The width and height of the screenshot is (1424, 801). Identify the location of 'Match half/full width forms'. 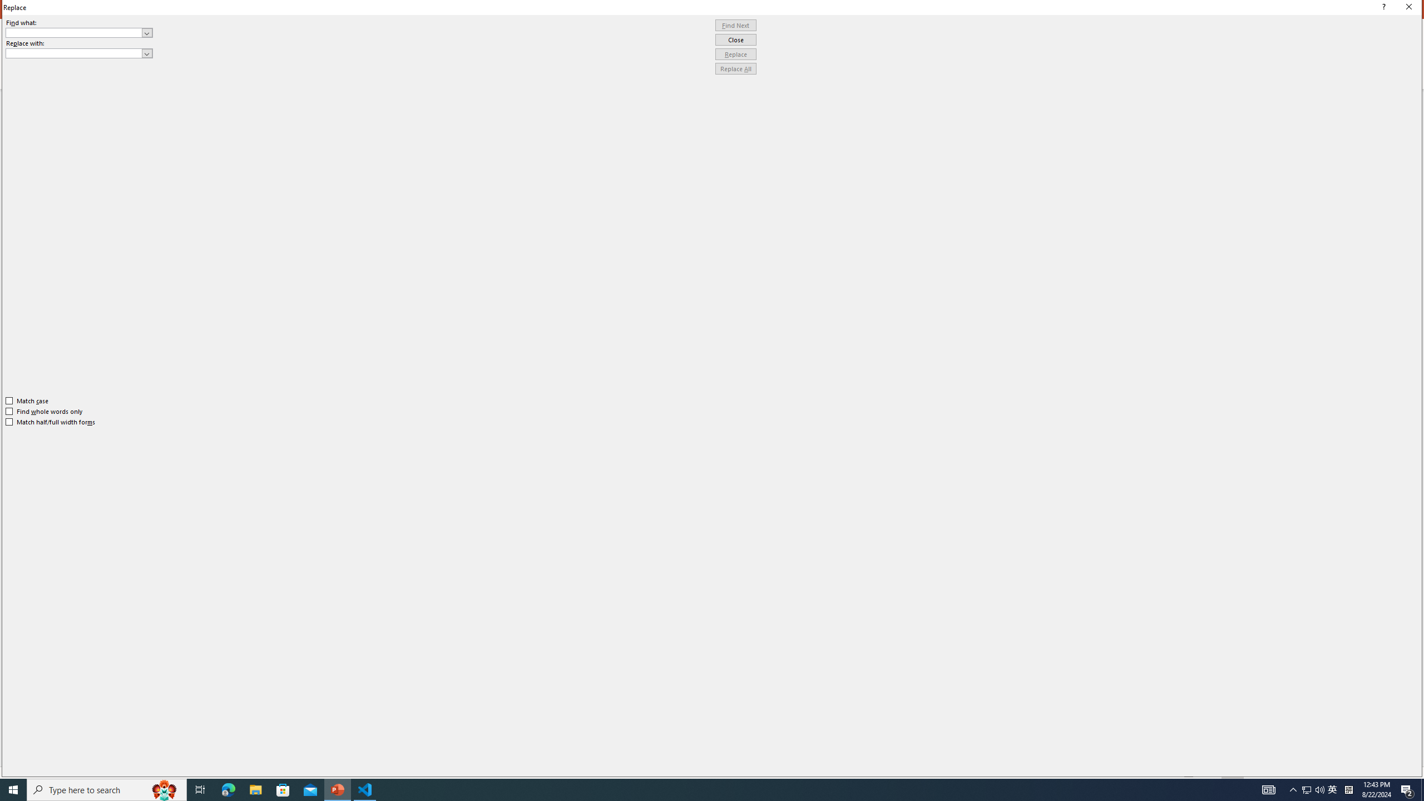
(51, 422).